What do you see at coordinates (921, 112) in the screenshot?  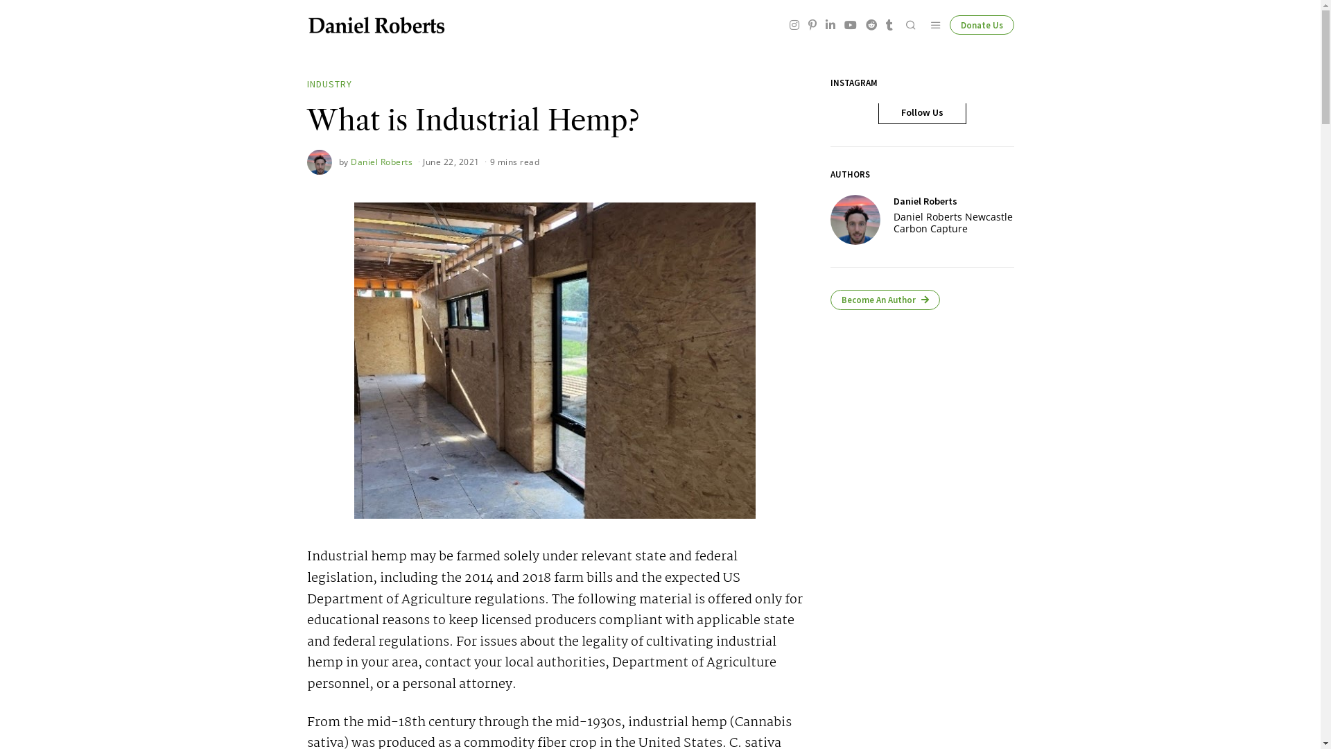 I see `'Follow Us'` at bounding box center [921, 112].